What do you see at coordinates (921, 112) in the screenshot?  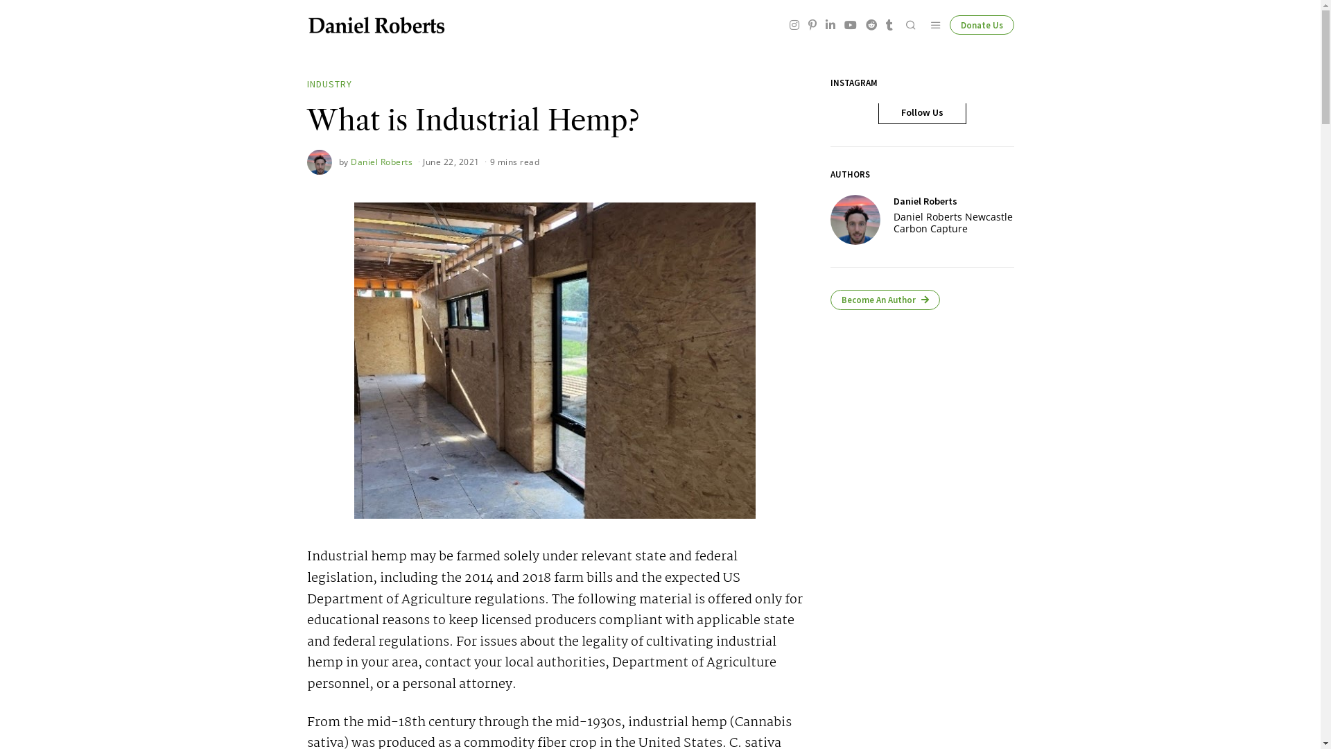 I see `'Follow Us'` at bounding box center [921, 112].